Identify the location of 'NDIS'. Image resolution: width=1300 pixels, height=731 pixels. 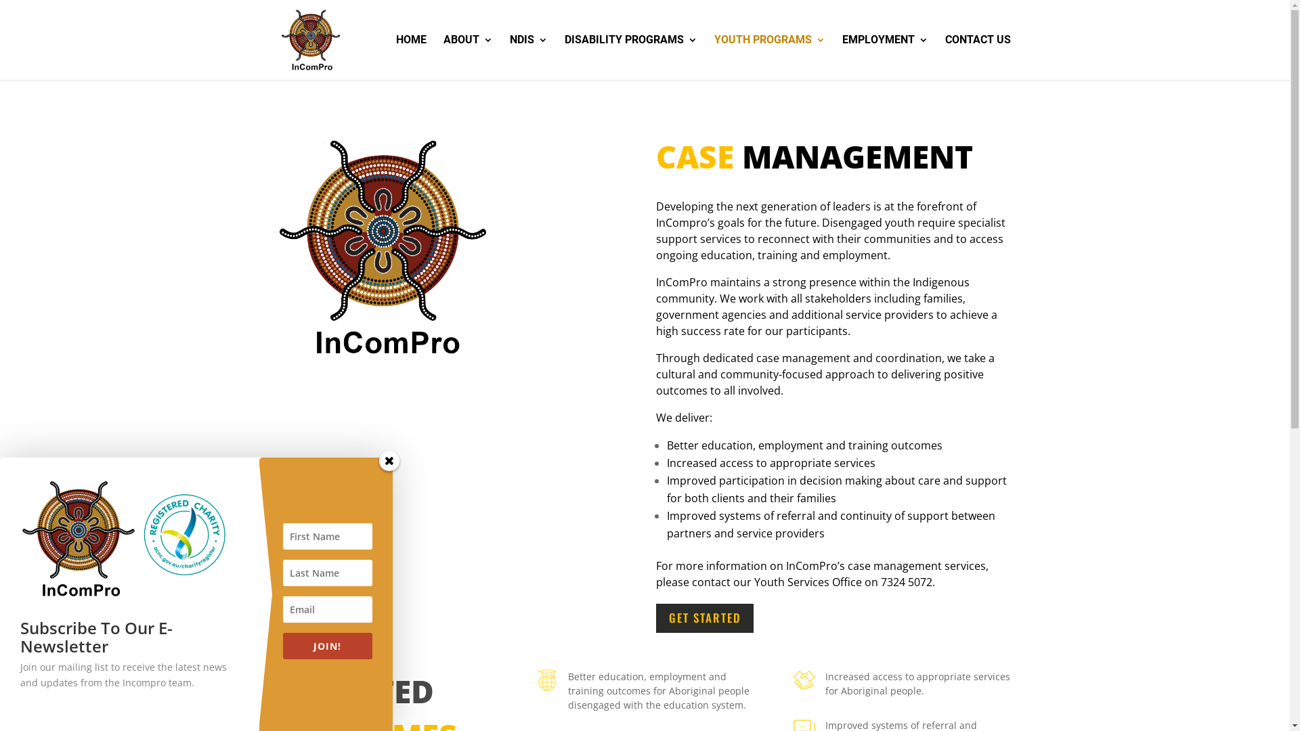
(508, 56).